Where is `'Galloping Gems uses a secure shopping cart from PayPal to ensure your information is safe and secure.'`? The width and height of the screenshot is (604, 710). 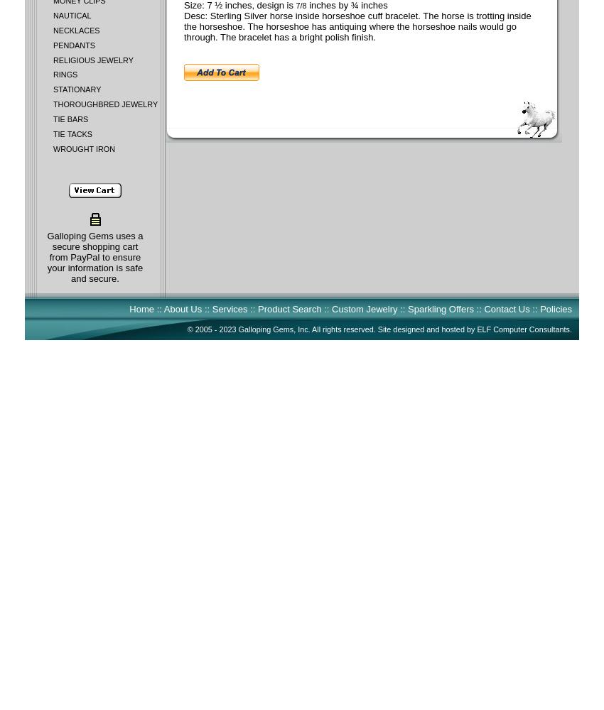
'Galloping Gems uses a secure shopping cart from PayPal to ensure your information is safe and secure.' is located at coordinates (95, 256).